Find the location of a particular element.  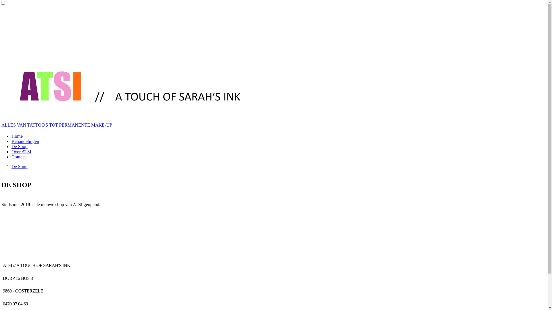

'Behandelingen' is located at coordinates (25, 141).